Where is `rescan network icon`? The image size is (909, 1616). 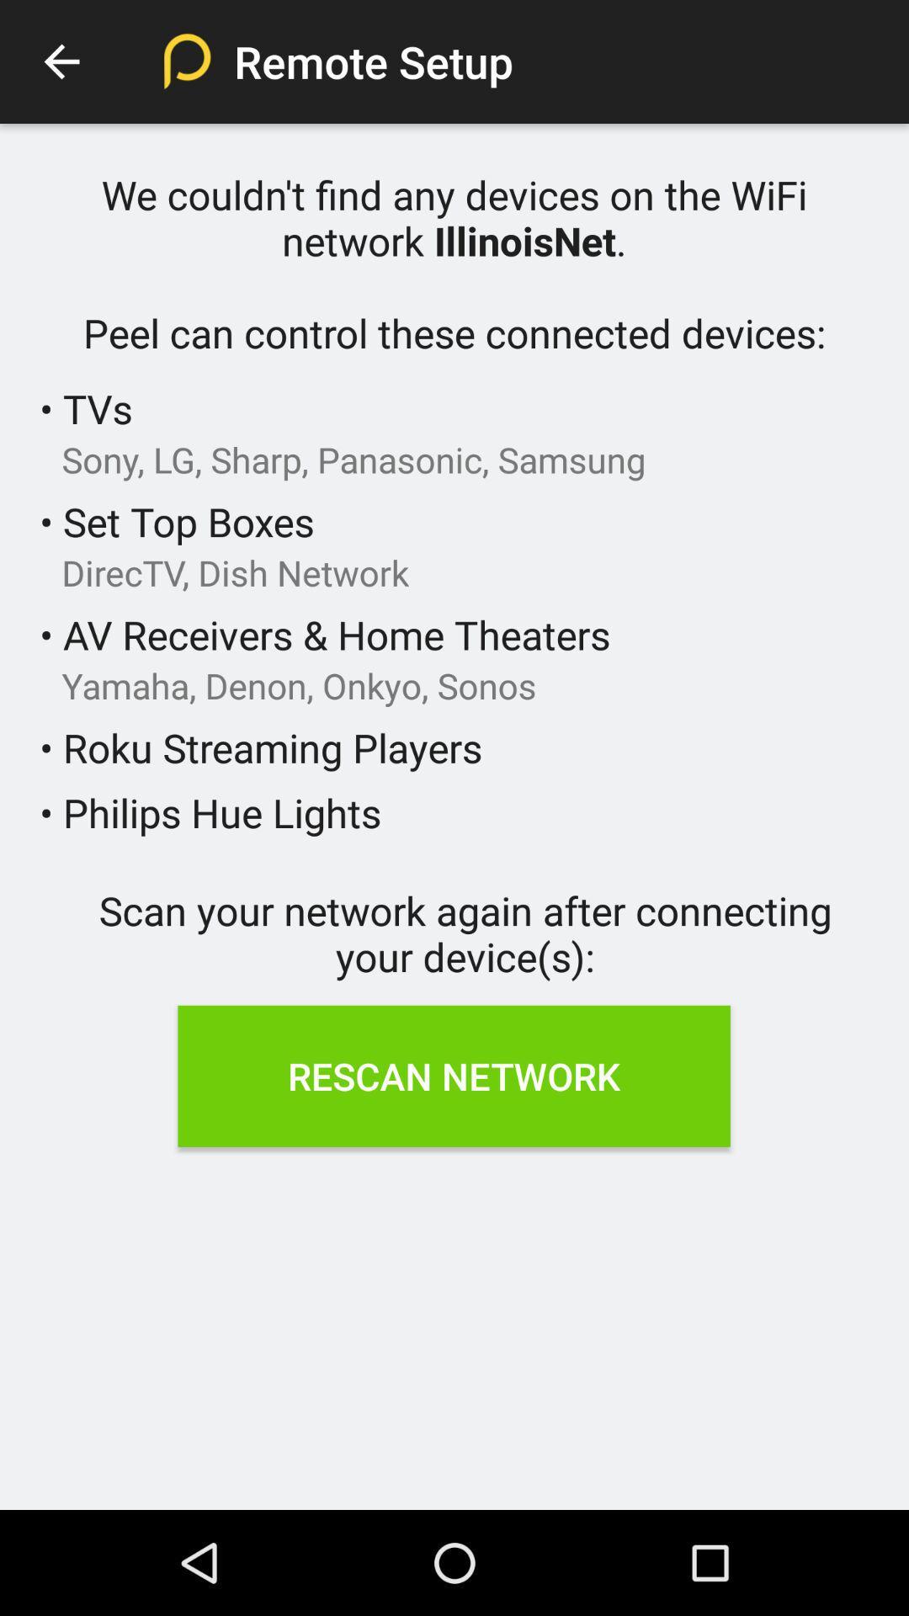
rescan network icon is located at coordinates (453, 1075).